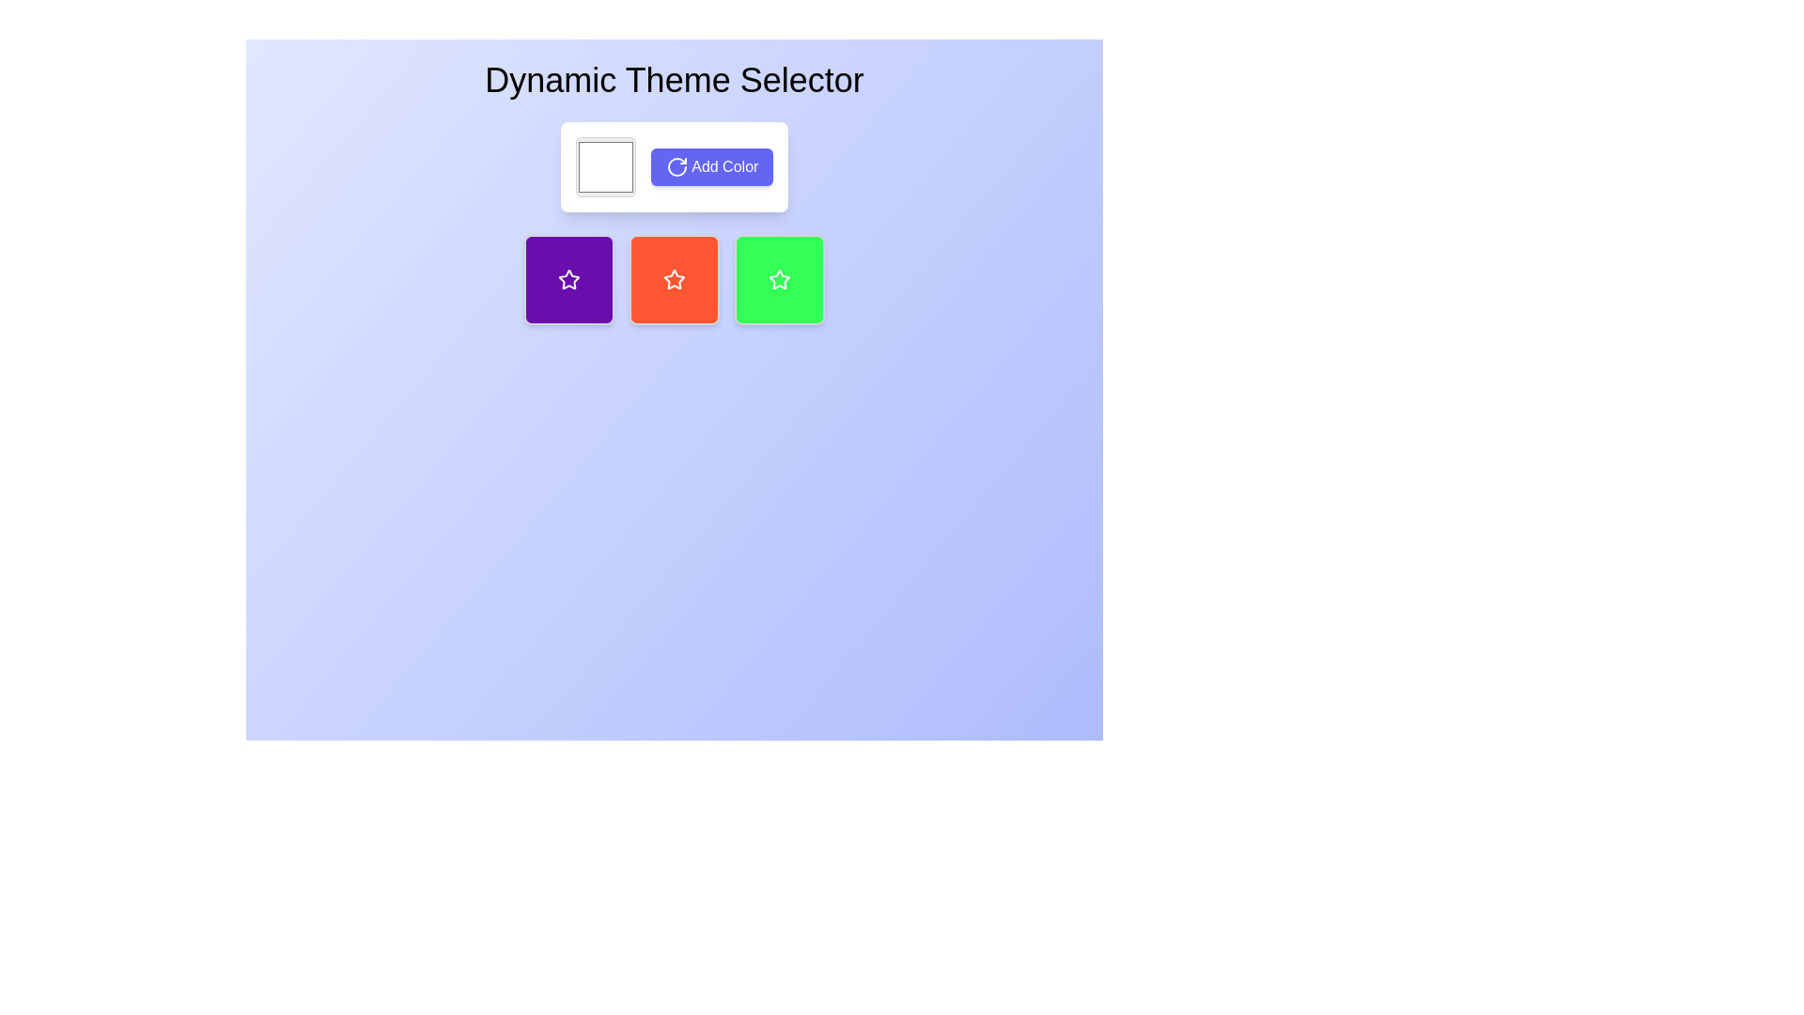 The image size is (1804, 1015). Describe the element at coordinates (676, 166) in the screenshot. I see `the icon button for resetting or reloading within the 'Add Color' functionality, located on the left side of the purple 'Add Color' button near the top center of the interface` at that location.